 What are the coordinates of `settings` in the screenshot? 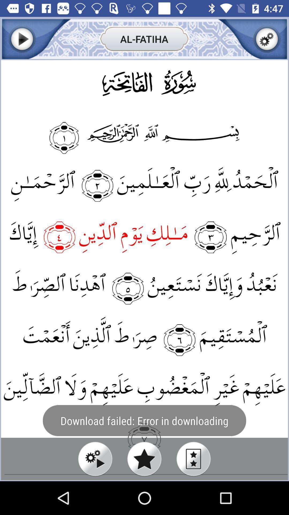 It's located at (267, 39).